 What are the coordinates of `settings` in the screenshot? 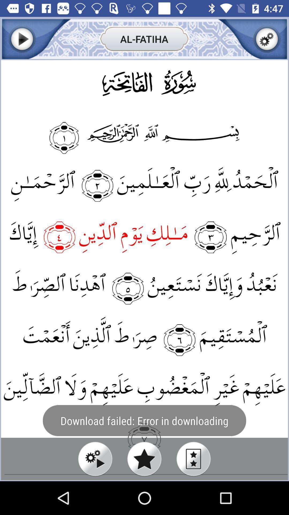 It's located at (267, 39).